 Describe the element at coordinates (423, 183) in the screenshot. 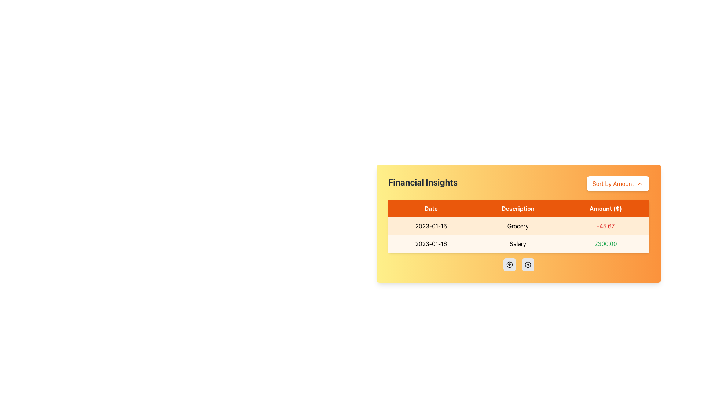

I see `the 'Financial Insights' text label, which is styled with a bold, extra-large font in dark gray on a gradient yellow-to-orange background, located at the beginning of the header section` at that location.